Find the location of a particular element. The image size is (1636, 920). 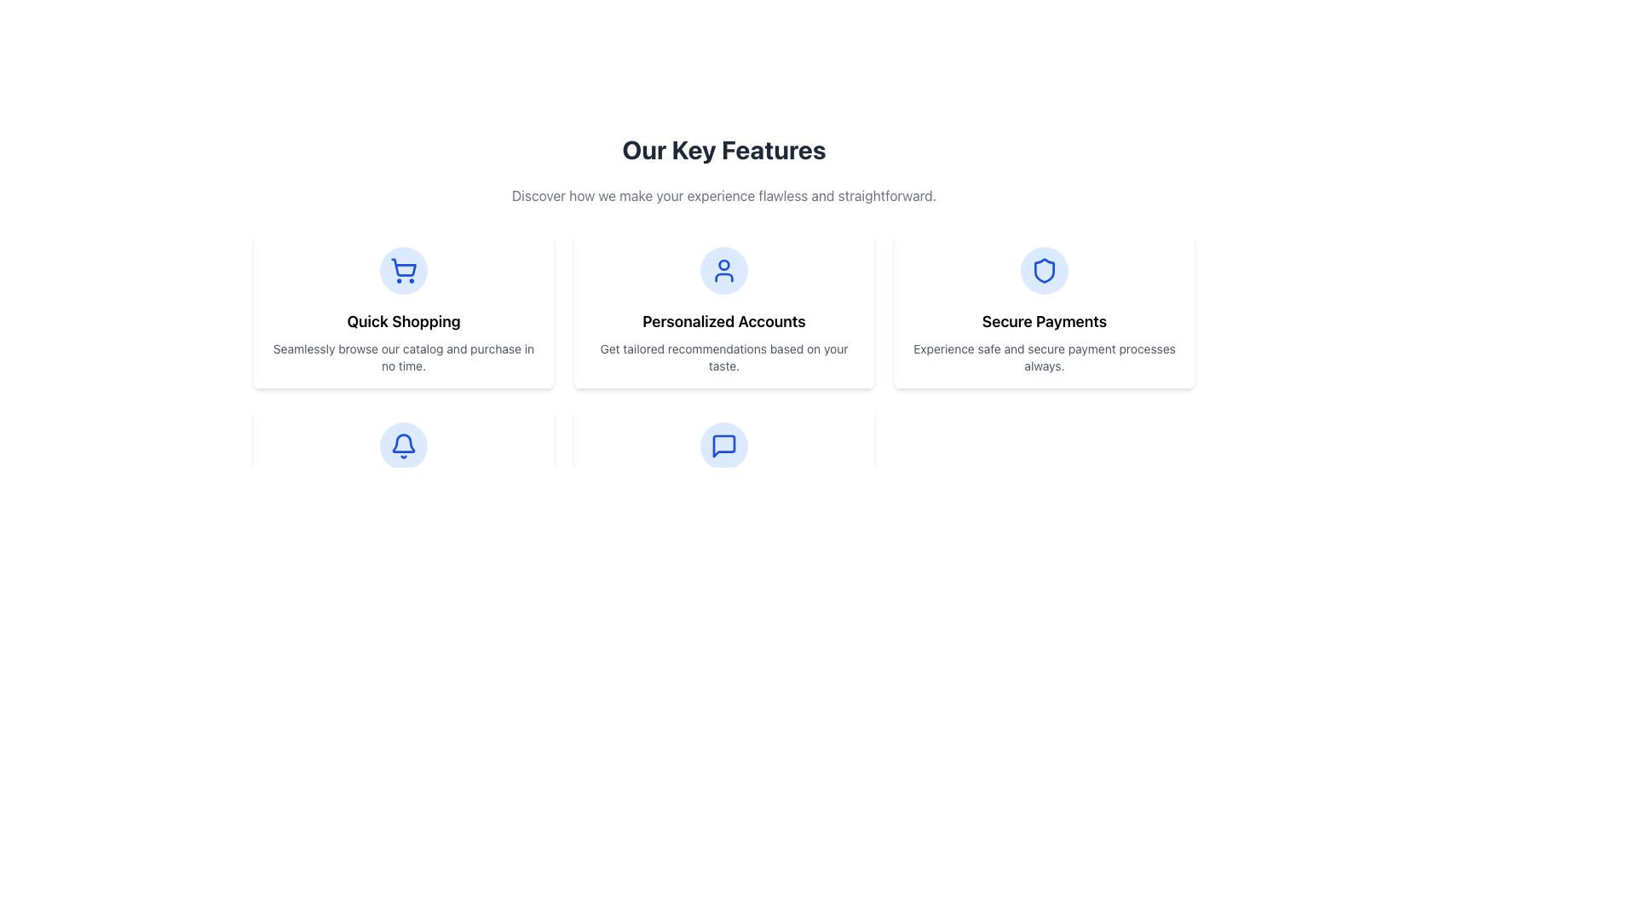

the 'Personalized Accounts' feature card which is the second card from the left in a grid layout, displaying a blue circular user profile icon, bold text 'Personalized Accounts', and a subtitle beneath it is located at coordinates (723, 311).